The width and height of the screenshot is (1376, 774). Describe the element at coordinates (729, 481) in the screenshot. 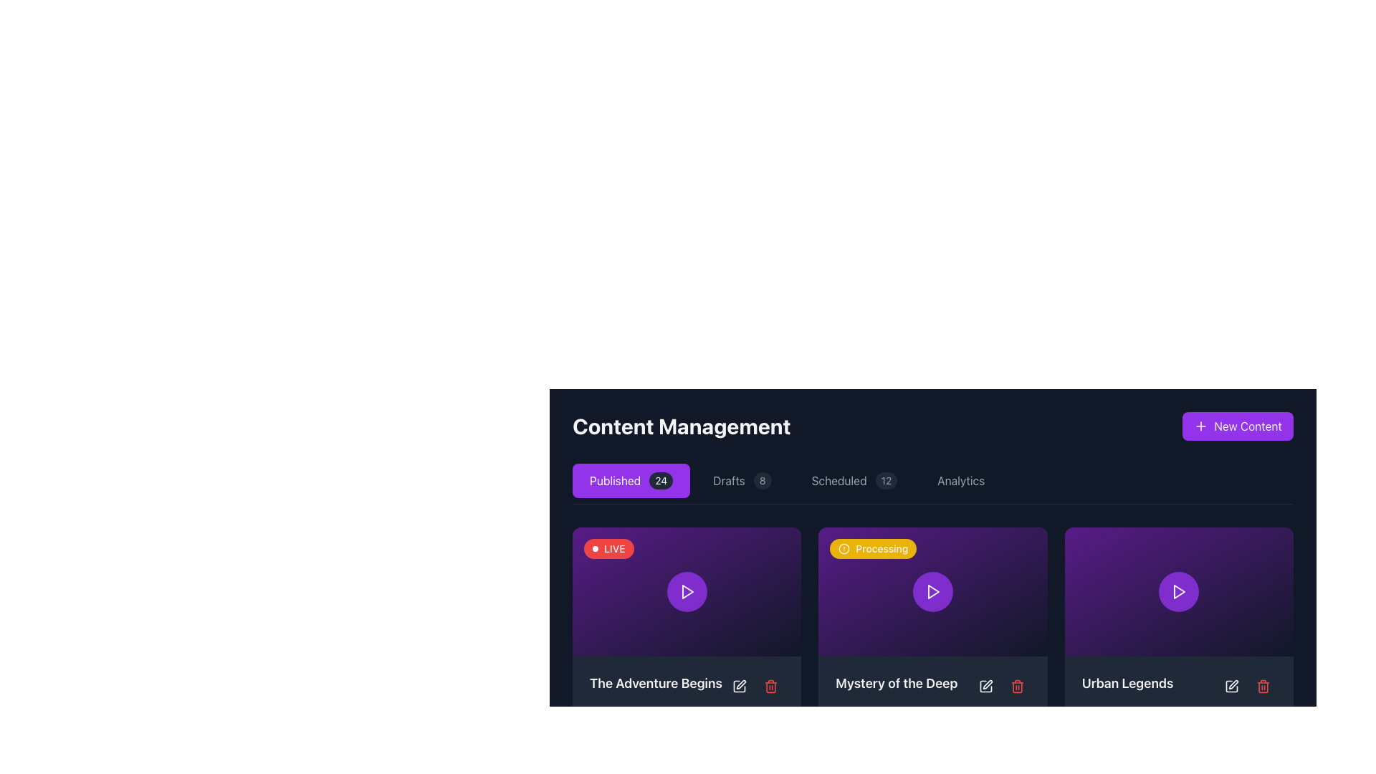

I see `the 'Drafts' text label element` at that location.